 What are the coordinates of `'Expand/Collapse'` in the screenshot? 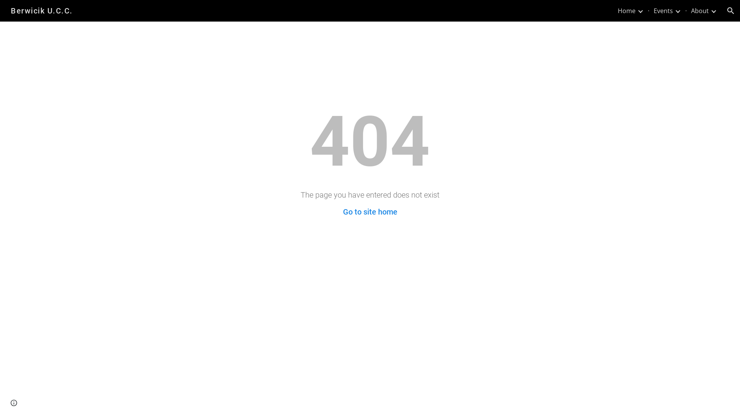 It's located at (710, 10).